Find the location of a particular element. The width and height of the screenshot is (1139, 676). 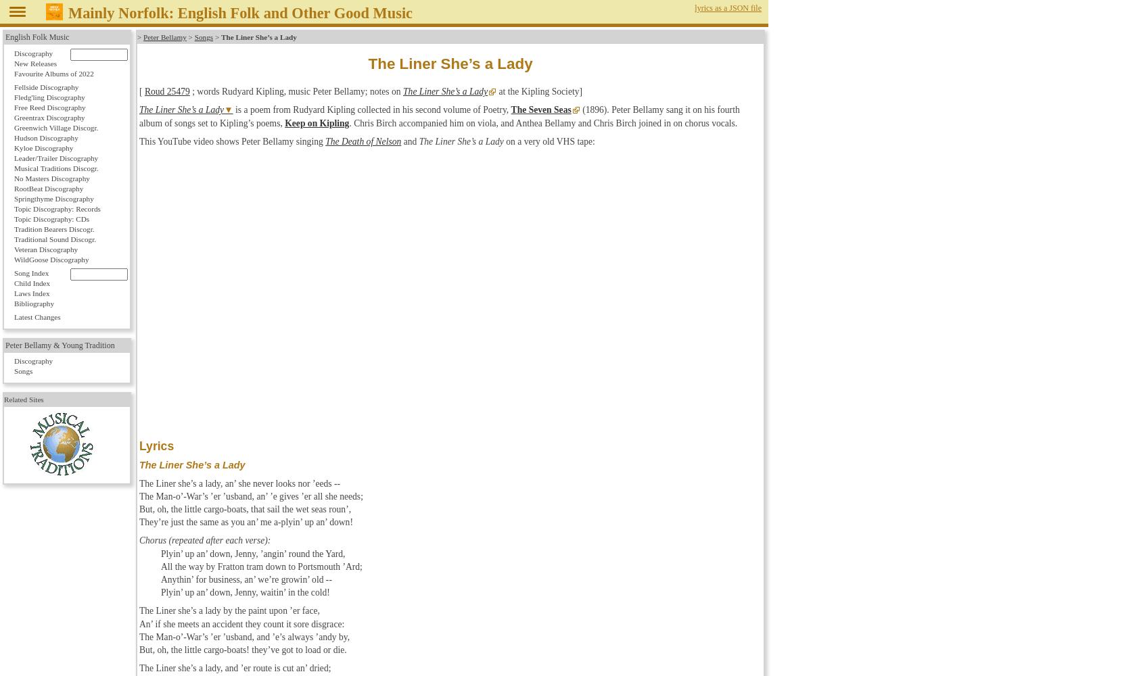

'Free Reed Discography' is located at coordinates (49, 107).